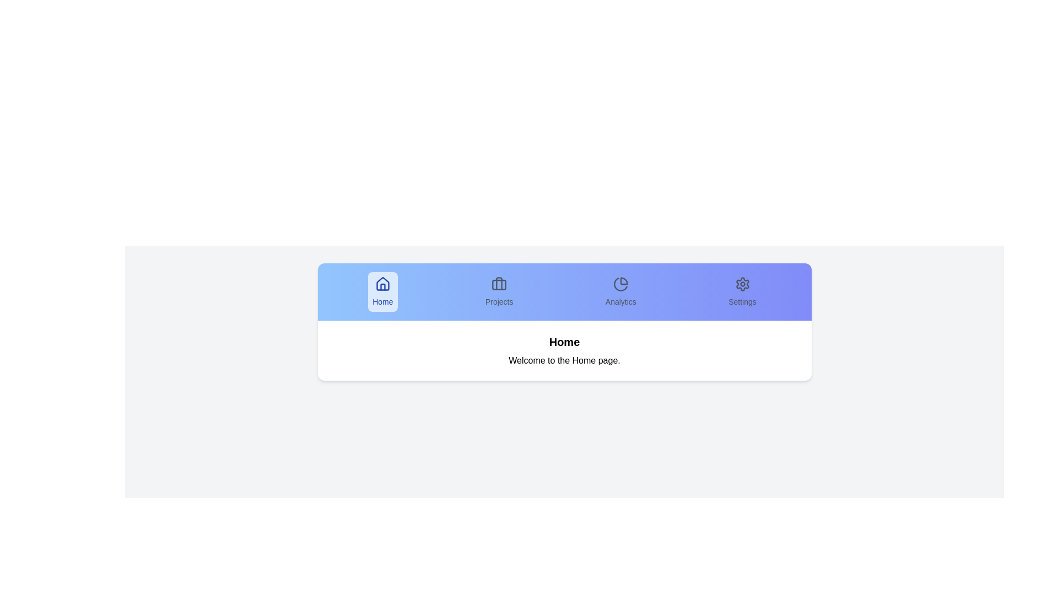 The height and width of the screenshot is (595, 1058). What do you see at coordinates (742, 291) in the screenshot?
I see `the tab labeled Settings to switch to that tab` at bounding box center [742, 291].